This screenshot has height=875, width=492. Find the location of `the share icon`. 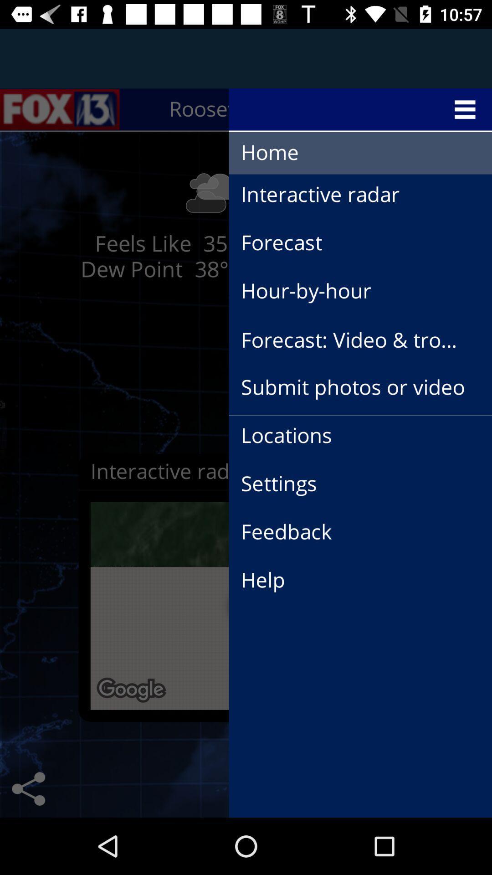

the share icon is located at coordinates (28, 788).